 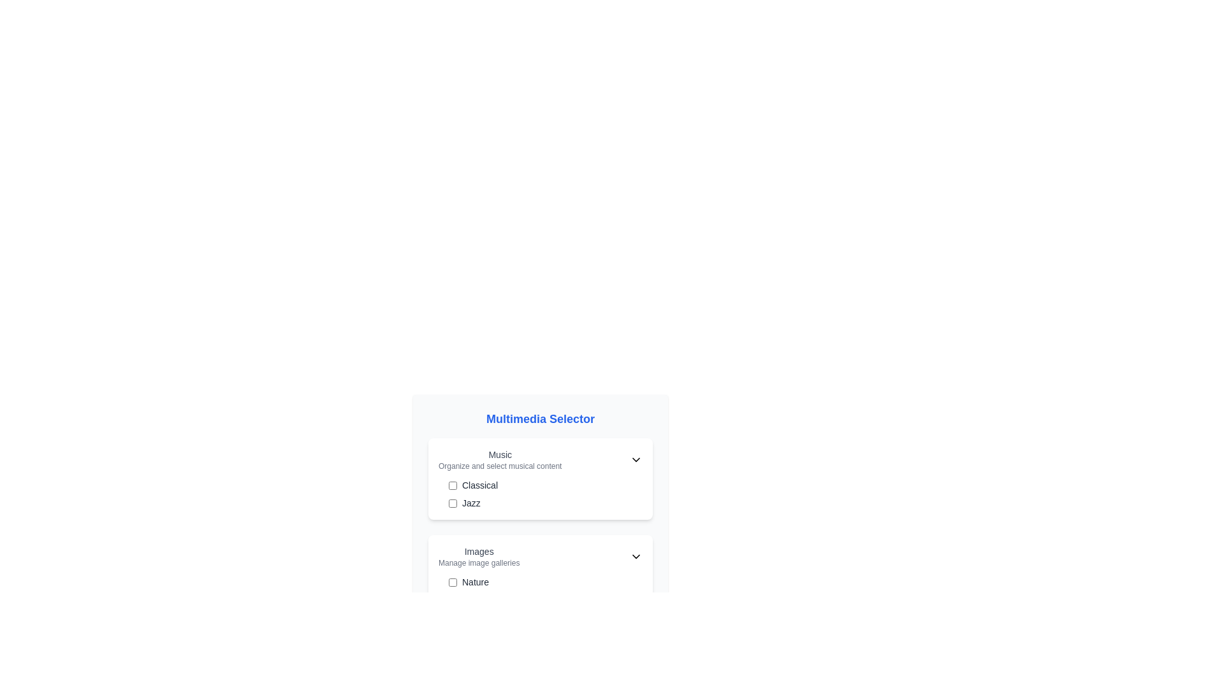 I want to click on the 'Urban' checkbox in the 'Images' category, so click(x=453, y=599).